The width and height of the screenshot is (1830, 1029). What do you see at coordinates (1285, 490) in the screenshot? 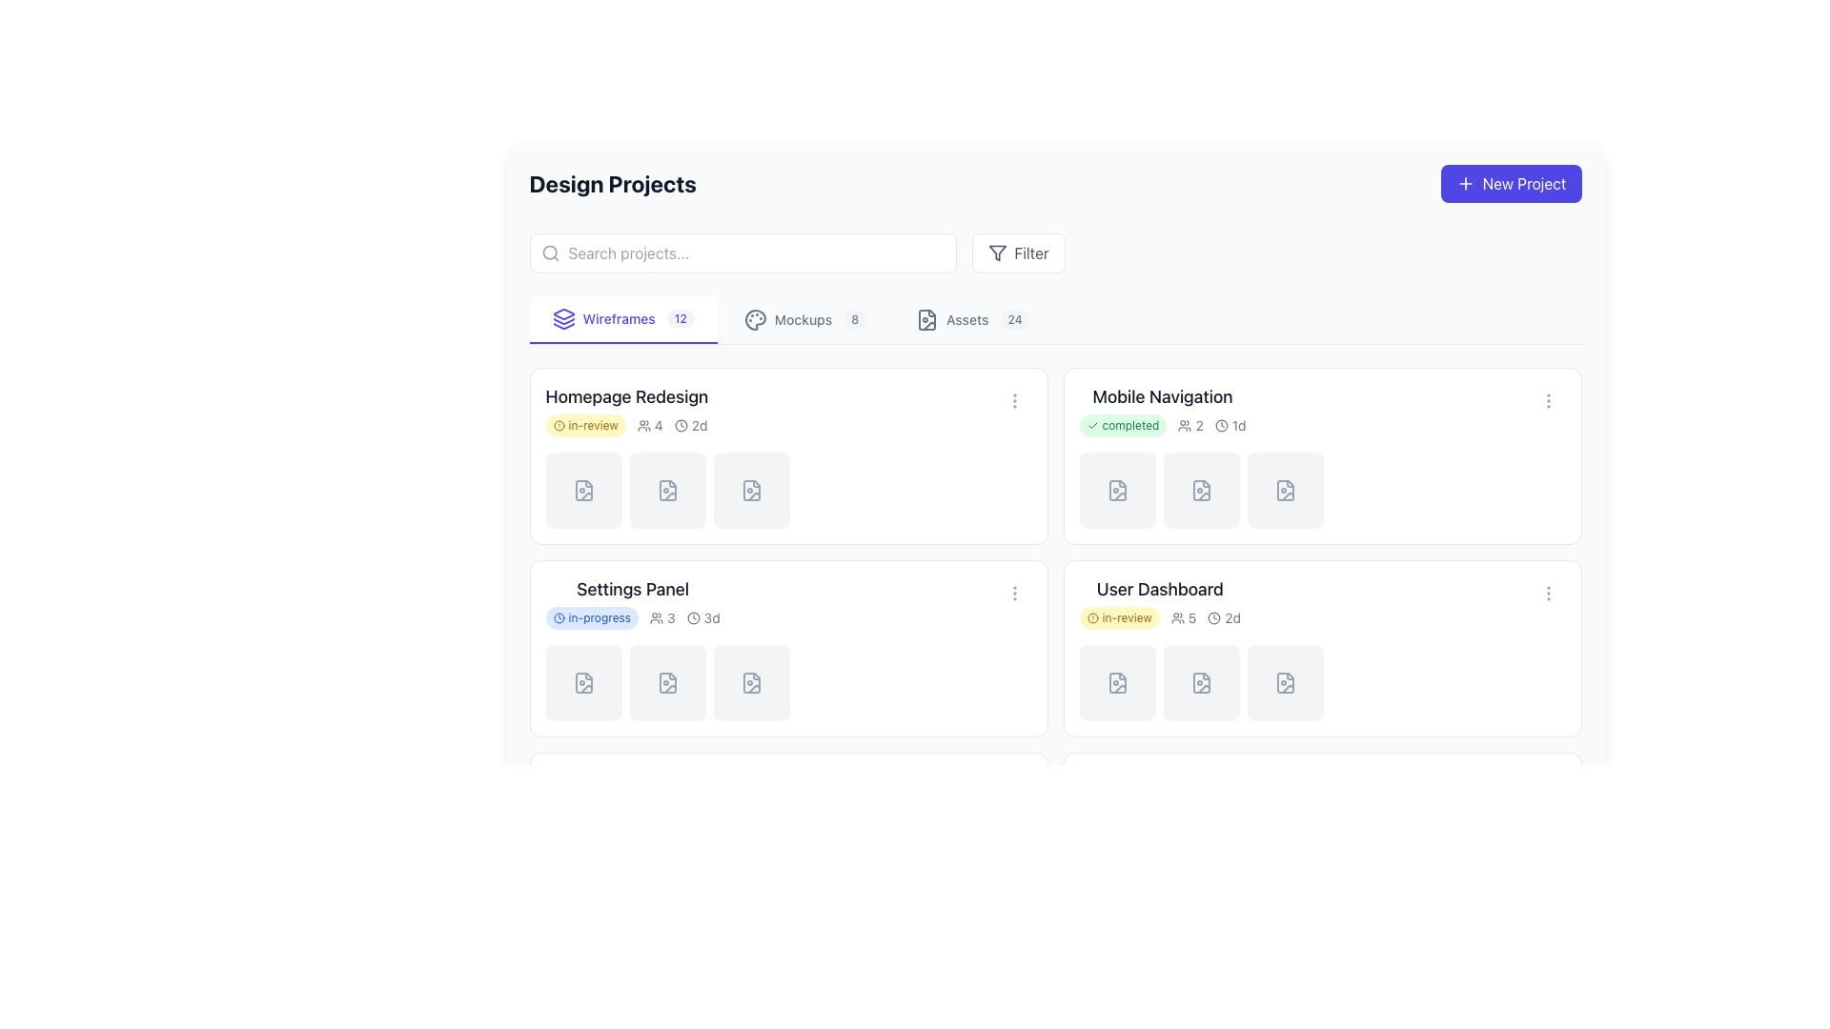
I see `the third icon from the left in the 'Mobile Navigation' section, located in the top-right quadrant of the interface` at bounding box center [1285, 490].